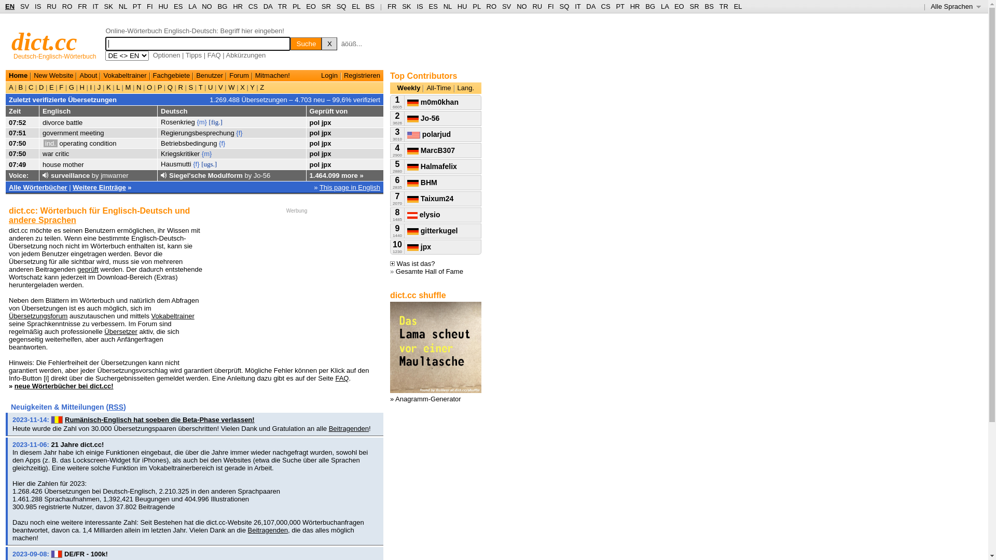 The image size is (996, 560). Describe the element at coordinates (44, 41) in the screenshot. I see `'dict.cc'` at that location.